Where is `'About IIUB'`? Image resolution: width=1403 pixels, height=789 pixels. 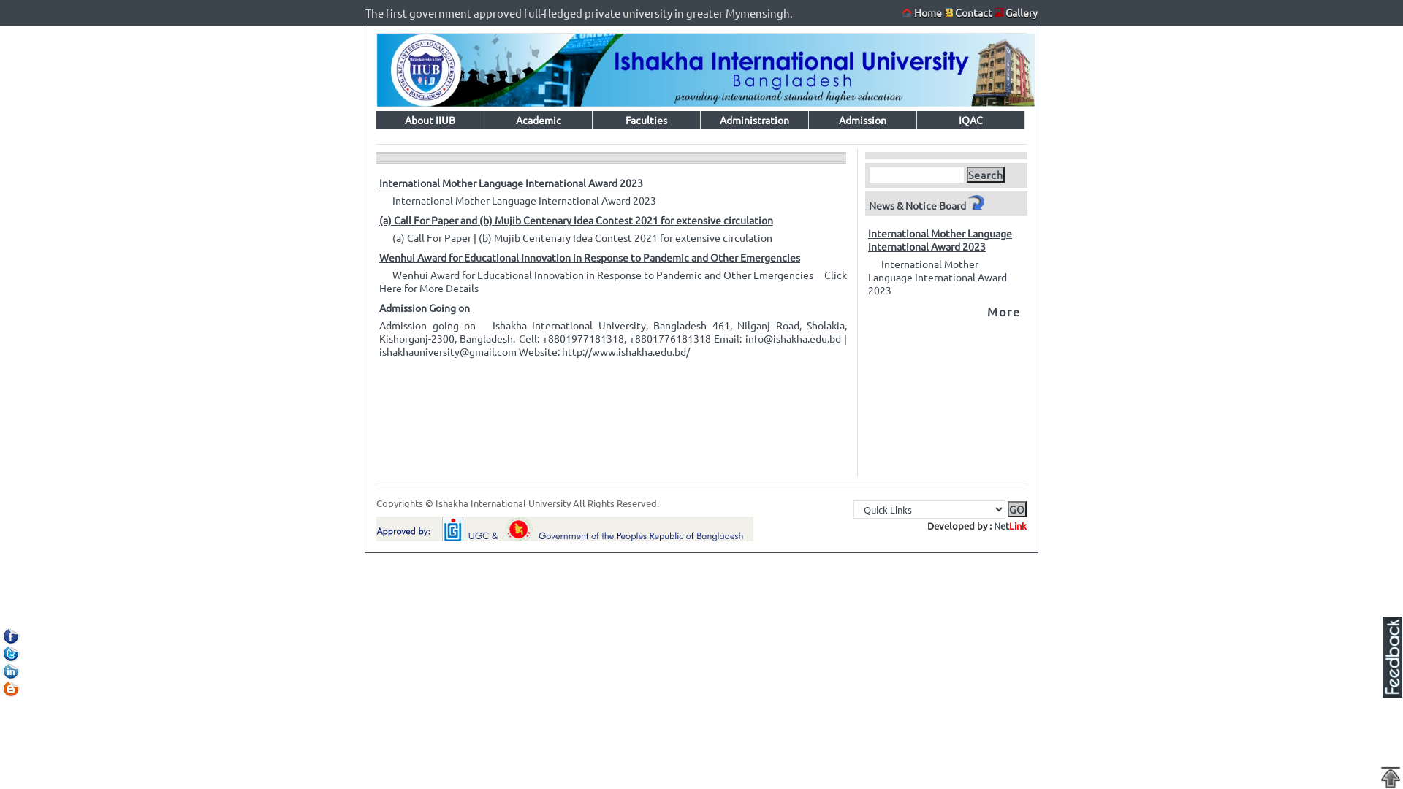
'About IIUB' is located at coordinates (430, 119).